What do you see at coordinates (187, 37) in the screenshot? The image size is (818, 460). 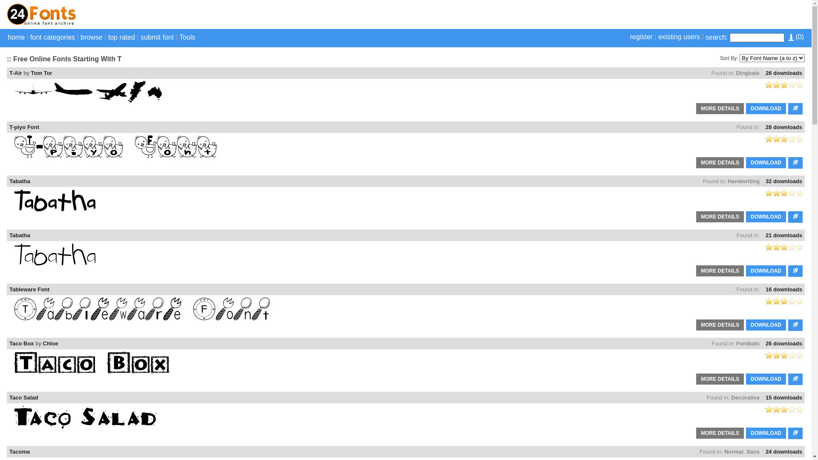 I see `'Tools'` at bounding box center [187, 37].